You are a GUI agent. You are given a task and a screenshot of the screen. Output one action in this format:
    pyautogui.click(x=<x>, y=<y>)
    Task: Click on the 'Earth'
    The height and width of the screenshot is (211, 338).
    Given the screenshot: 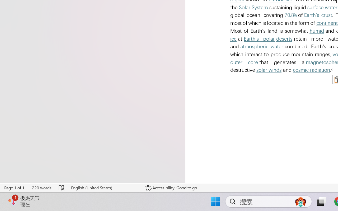 What is the action you would take?
    pyautogui.click(x=318, y=15)
    